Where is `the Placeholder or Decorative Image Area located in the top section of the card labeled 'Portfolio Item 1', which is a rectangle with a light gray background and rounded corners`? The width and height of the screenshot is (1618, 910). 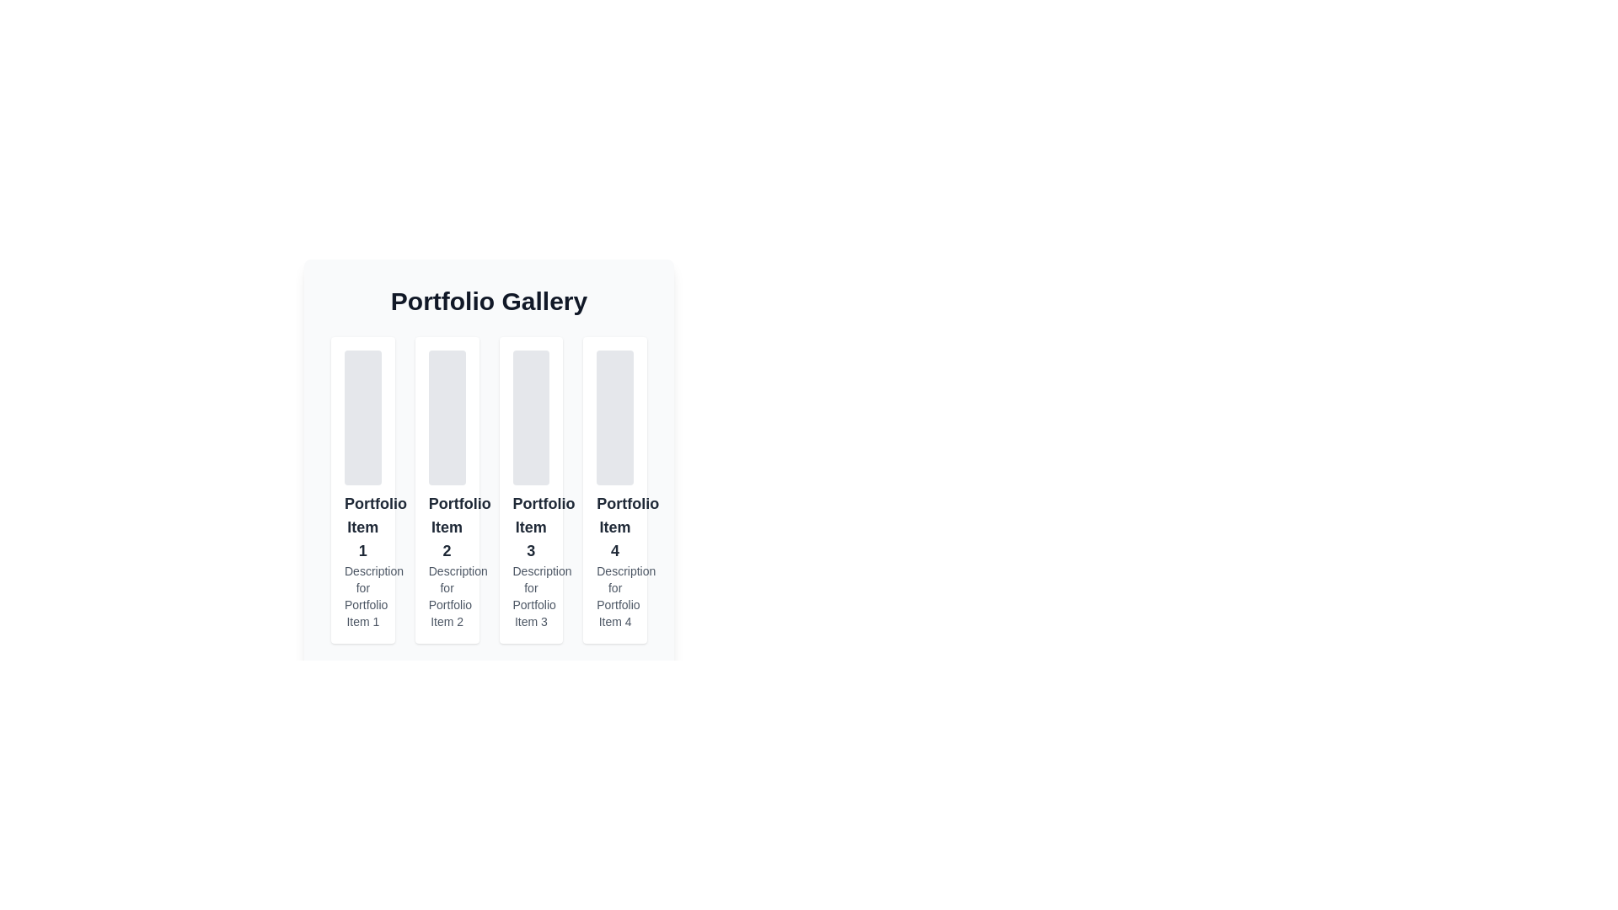 the Placeholder or Decorative Image Area located in the top section of the card labeled 'Portfolio Item 1', which is a rectangle with a light gray background and rounded corners is located at coordinates (362, 417).